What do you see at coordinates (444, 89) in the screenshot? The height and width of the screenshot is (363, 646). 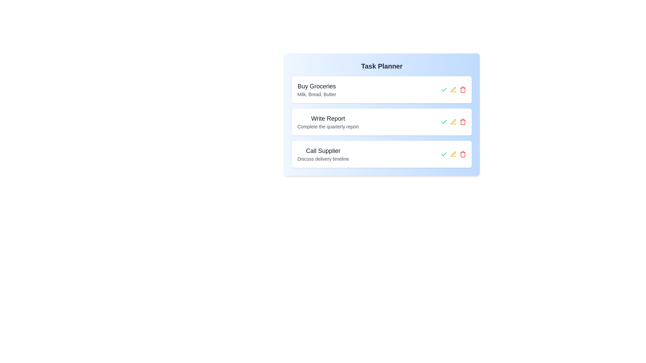 I see `green checkmark button next to the task titled 'Buy Groceries' to mark it as completed` at bounding box center [444, 89].